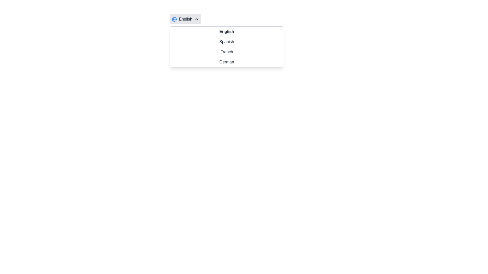 This screenshot has width=488, height=274. What do you see at coordinates (185, 19) in the screenshot?
I see `the static text element displaying 'English' in gray color, which is positioned centrally within the language selection component` at bounding box center [185, 19].